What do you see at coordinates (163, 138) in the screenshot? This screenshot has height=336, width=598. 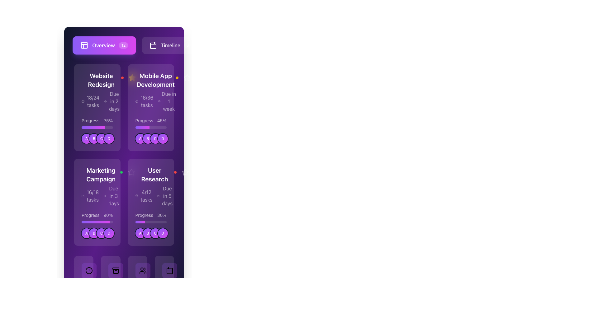 I see `the fourth circular badge labeled 'D' in the horizontal row of badges within the 'Mobile App Development' card` at bounding box center [163, 138].